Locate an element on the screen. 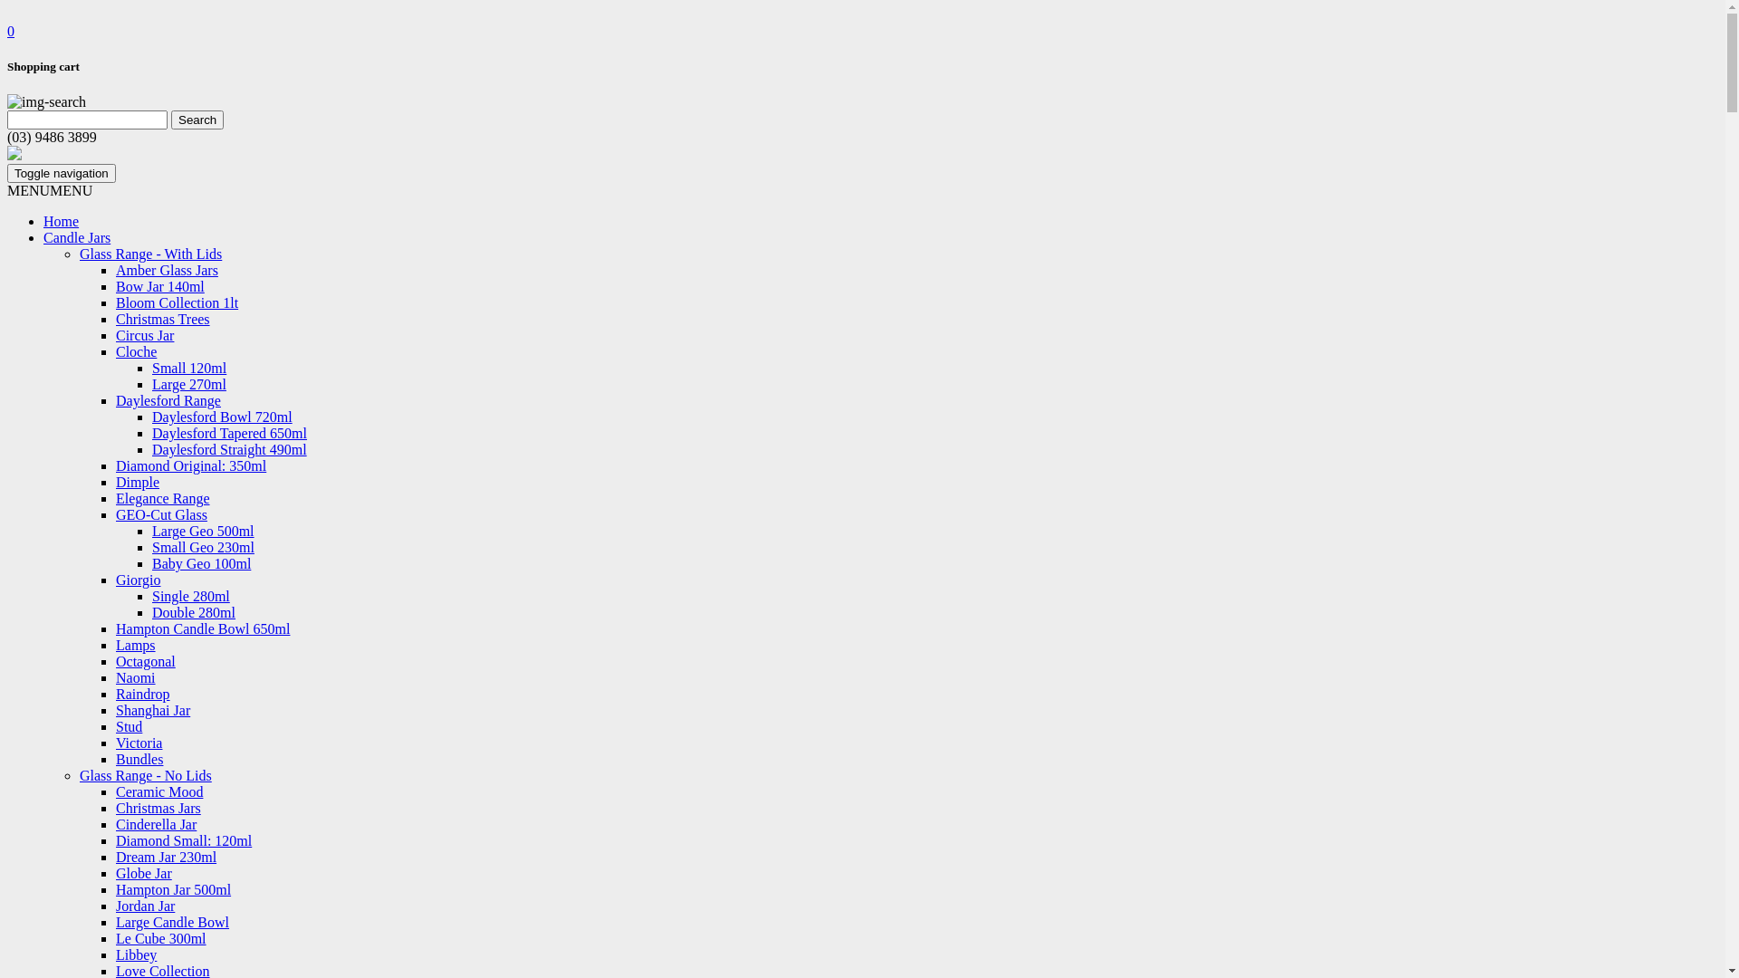 This screenshot has width=1739, height=978. 'Globe Jar' is located at coordinates (142, 872).